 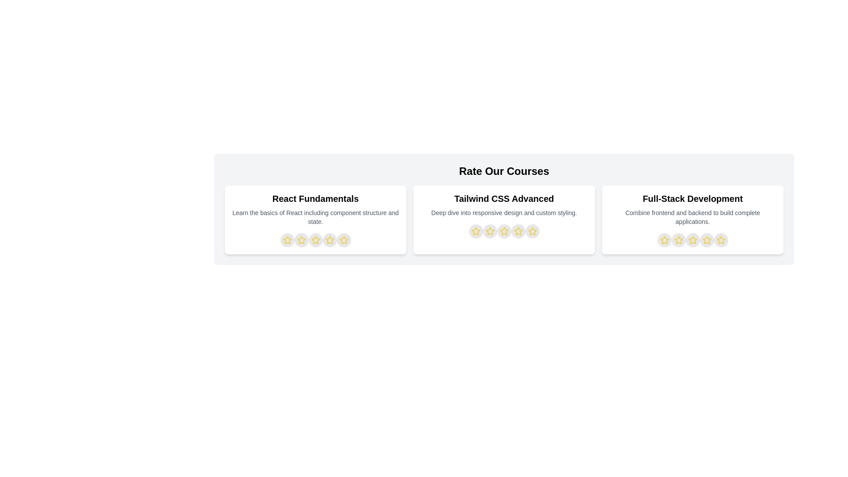 I want to click on the star representing 1 stars for the course titled React Fundamentals, so click(x=287, y=240).